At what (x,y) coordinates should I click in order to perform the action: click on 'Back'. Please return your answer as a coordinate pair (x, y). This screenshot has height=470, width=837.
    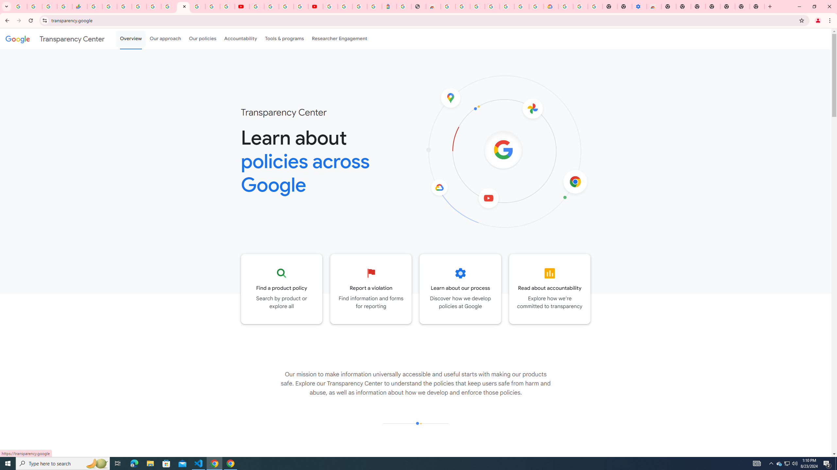
    Looking at the image, I should click on (6, 20).